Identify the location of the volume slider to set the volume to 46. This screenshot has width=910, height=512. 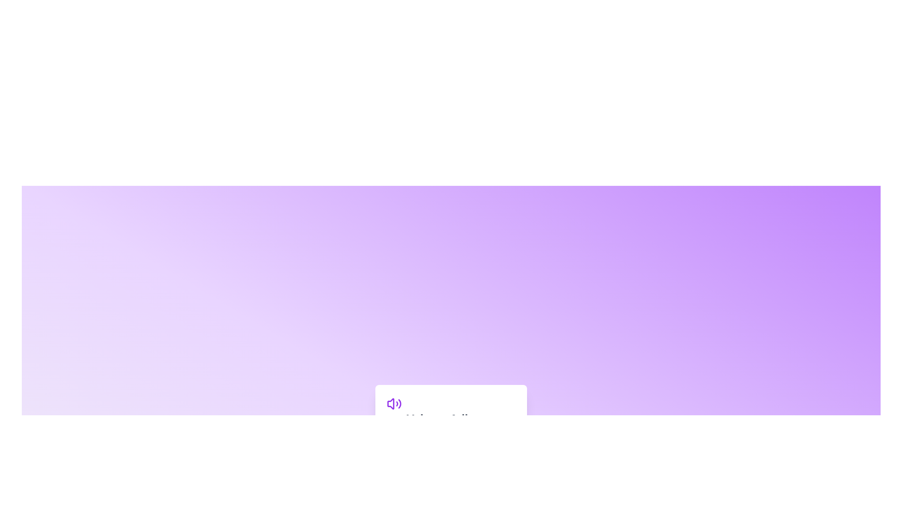
(446, 440).